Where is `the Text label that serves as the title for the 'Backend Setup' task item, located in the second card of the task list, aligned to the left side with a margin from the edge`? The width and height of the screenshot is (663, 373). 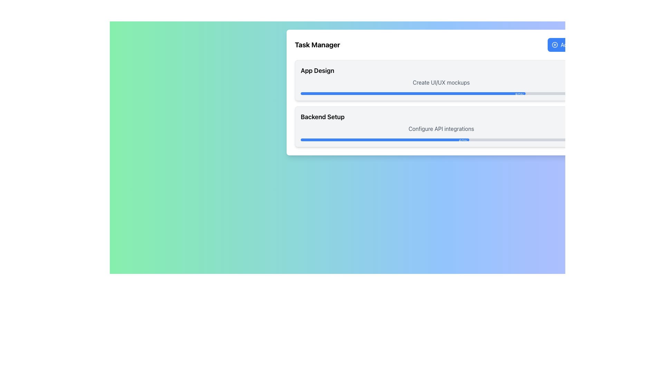 the Text label that serves as the title for the 'Backend Setup' task item, located in the second card of the task list, aligned to the left side with a margin from the edge is located at coordinates (322, 117).